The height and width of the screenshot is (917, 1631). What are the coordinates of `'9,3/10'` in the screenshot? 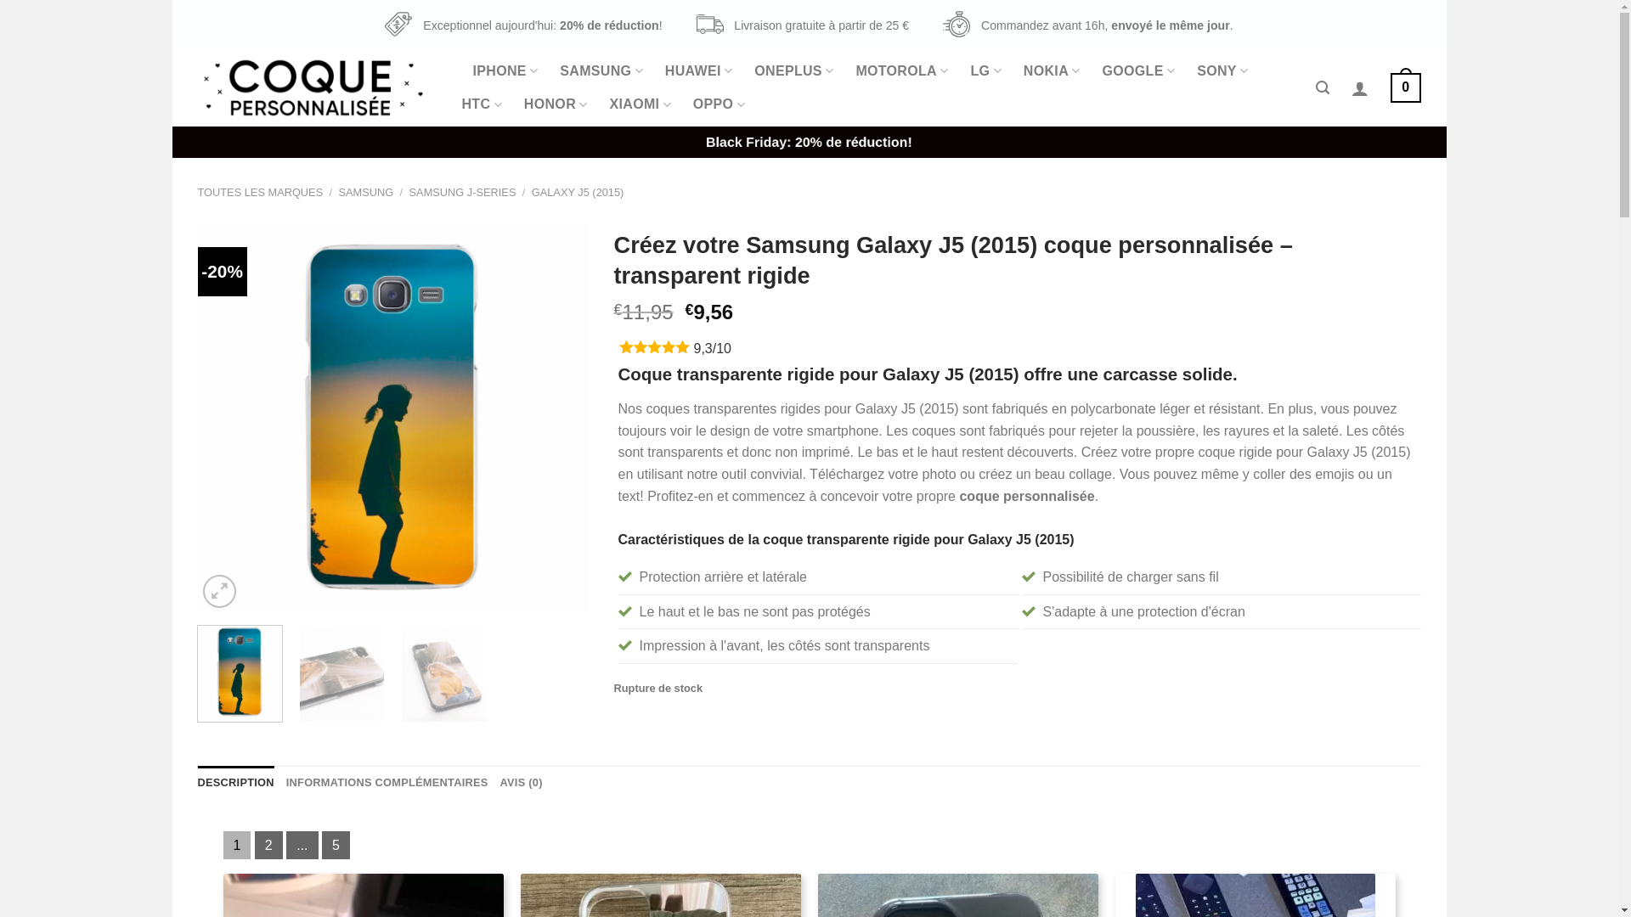 It's located at (712, 347).